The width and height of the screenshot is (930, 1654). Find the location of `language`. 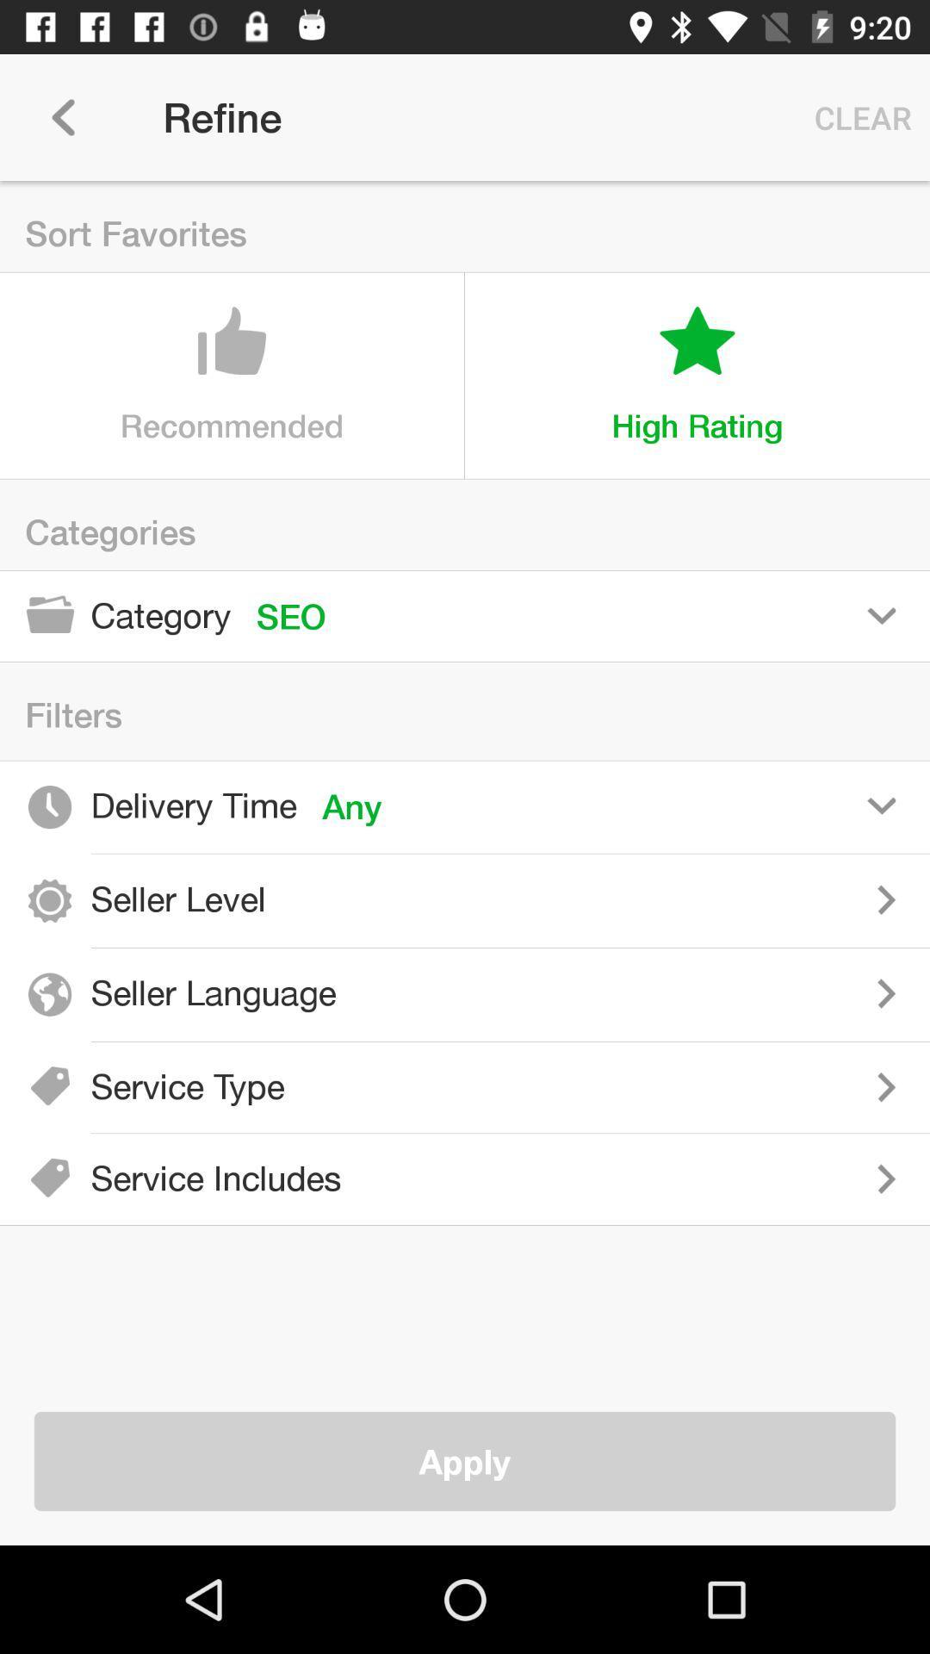

language is located at coordinates (645, 993).